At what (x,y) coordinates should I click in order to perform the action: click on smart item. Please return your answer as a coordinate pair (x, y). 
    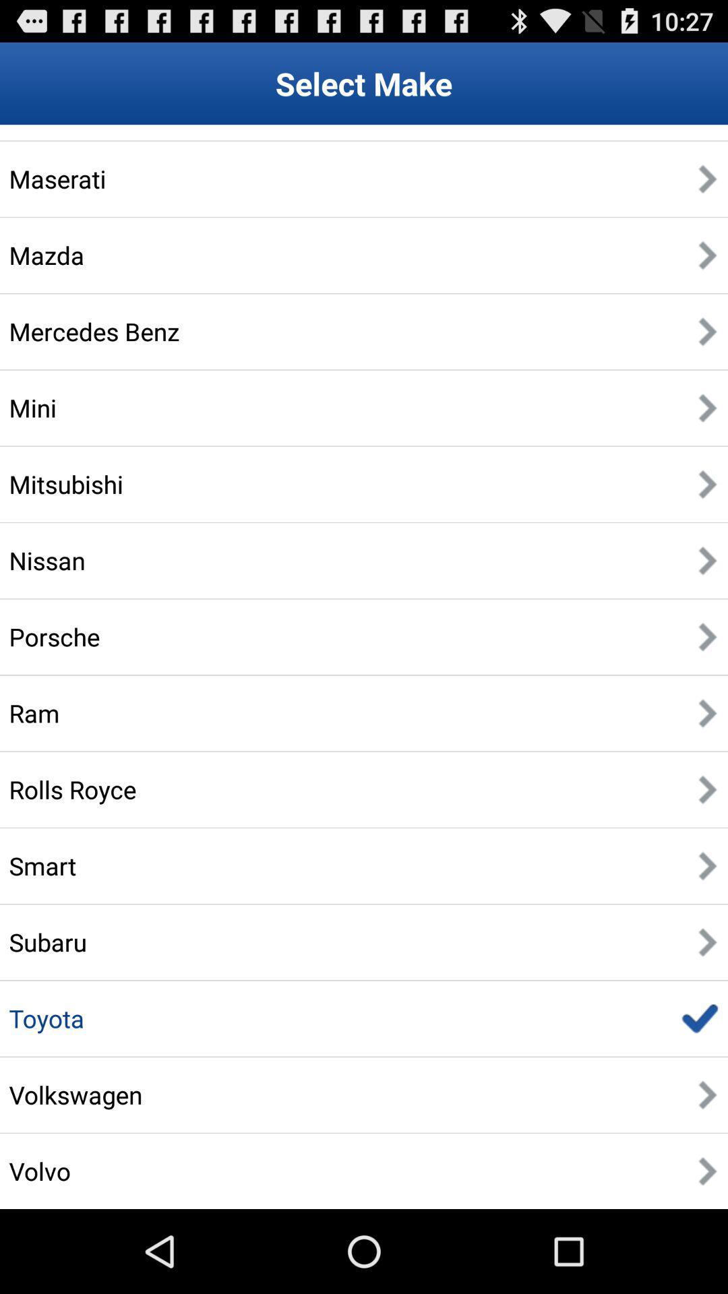
    Looking at the image, I should click on (42, 865).